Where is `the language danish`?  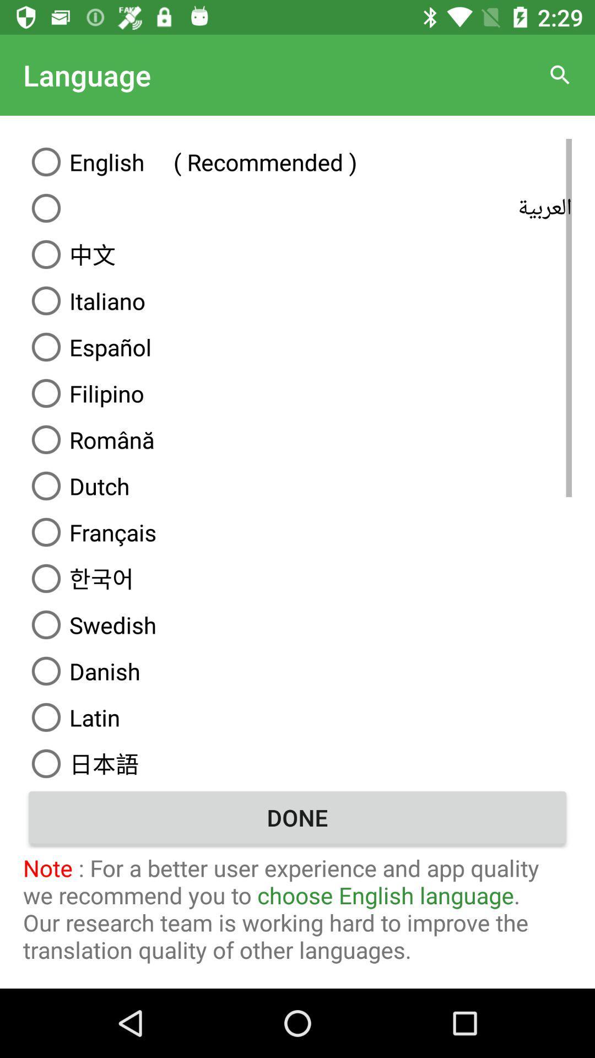 the language danish is located at coordinates (297, 671).